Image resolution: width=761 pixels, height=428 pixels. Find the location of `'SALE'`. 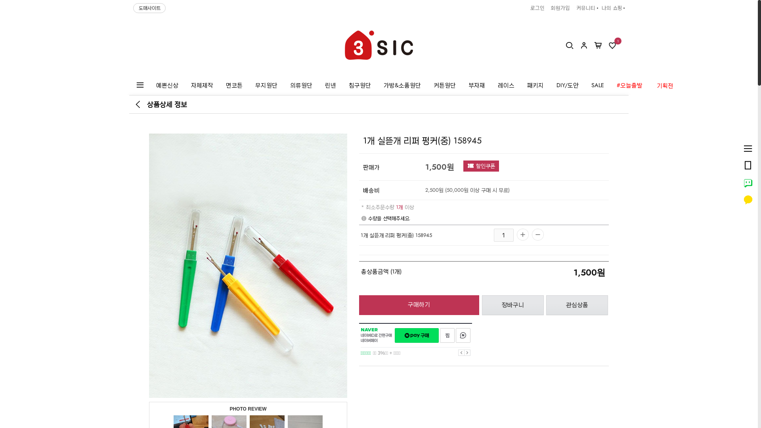

'SALE' is located at coordinates (597, 85).